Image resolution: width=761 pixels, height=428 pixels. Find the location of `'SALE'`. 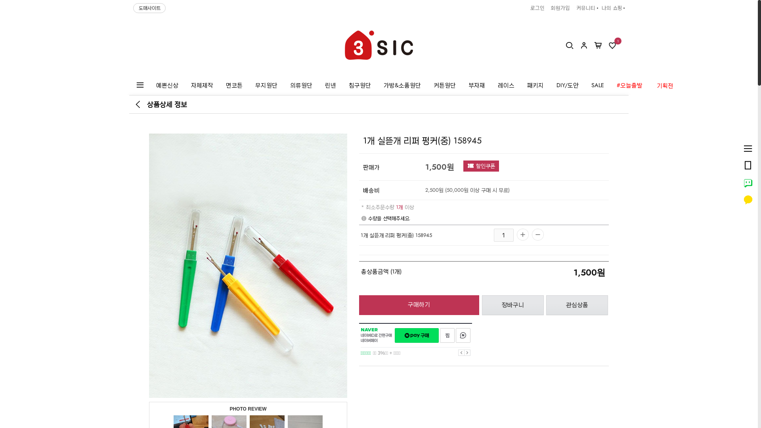

'SALE' is located at coordinates (597, 85).